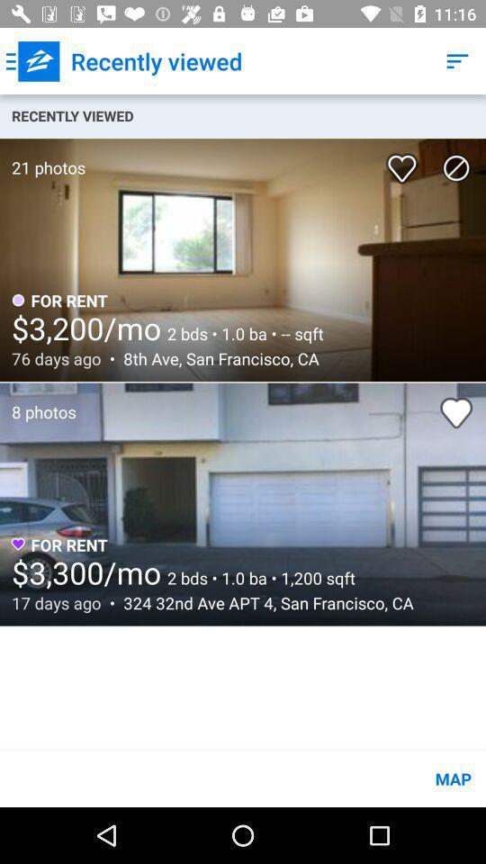 The width and height of the screenshot is (486, 864). Describe the element at coordinates (42, 157) in the screenshot. I see `icon below recently viewed icon` at that location.